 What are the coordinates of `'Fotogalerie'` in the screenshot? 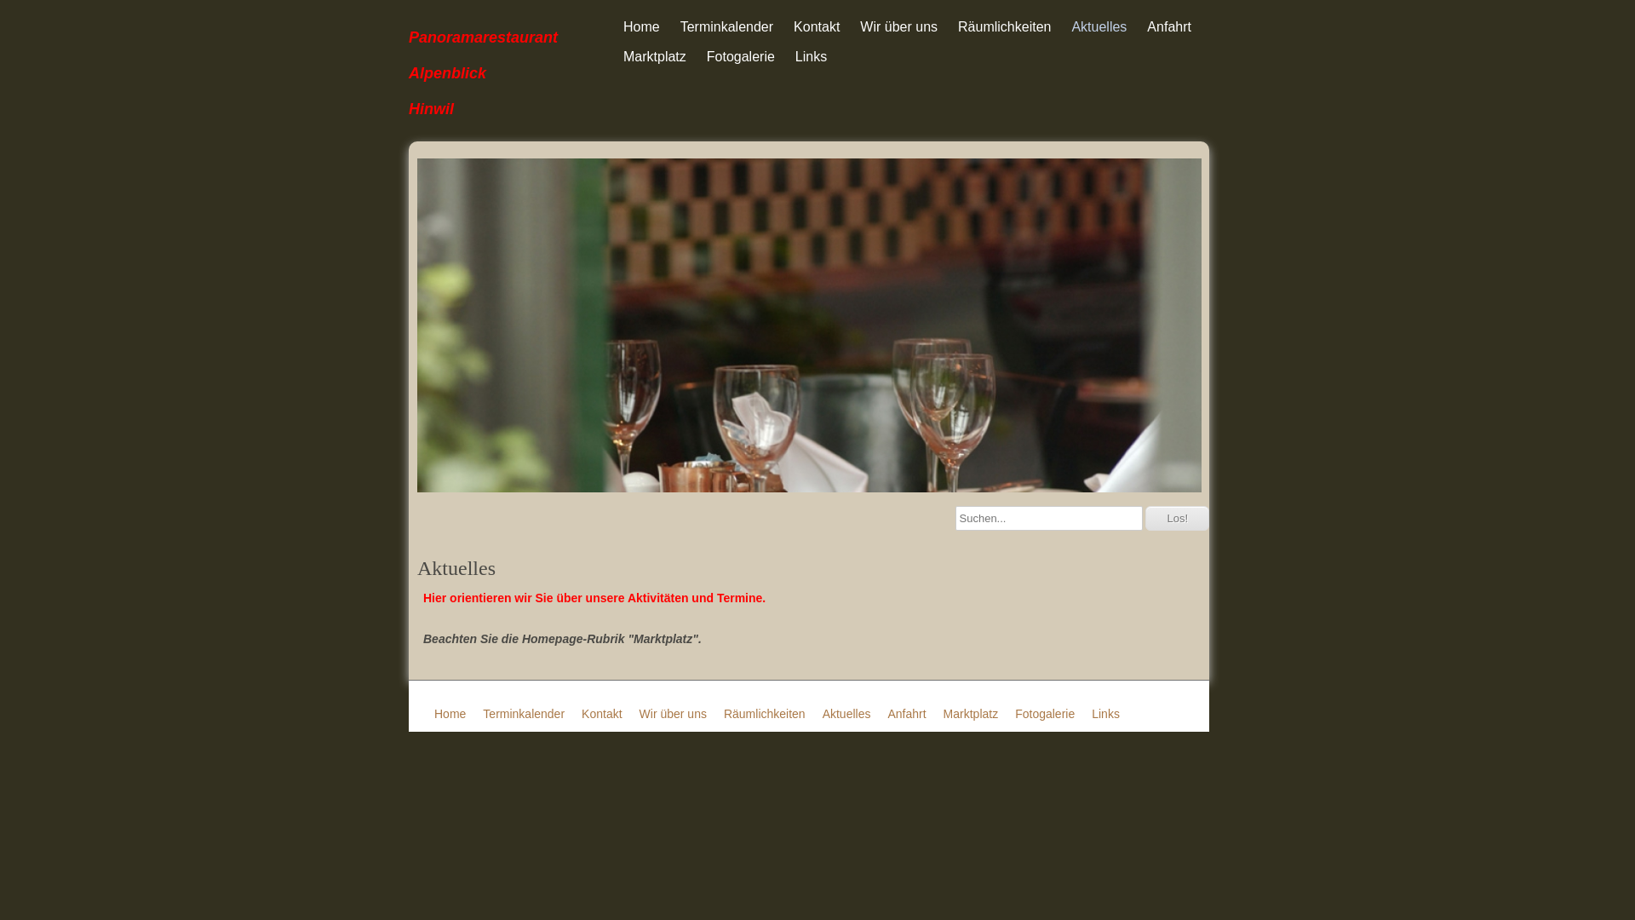 It's located at (740, 55).